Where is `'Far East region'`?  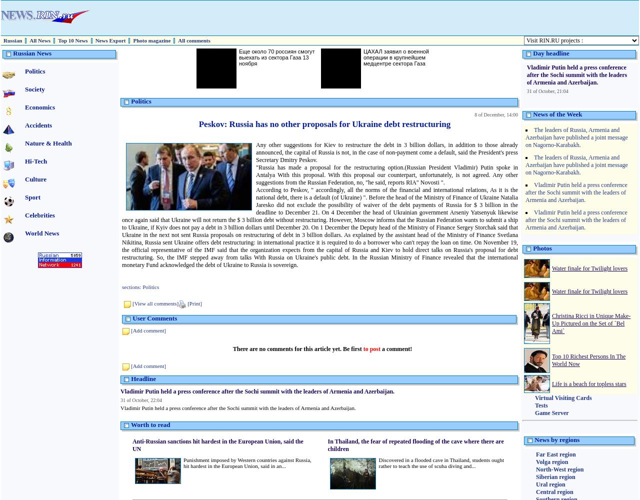 'Far East region' is located at coordinates (555, 454).